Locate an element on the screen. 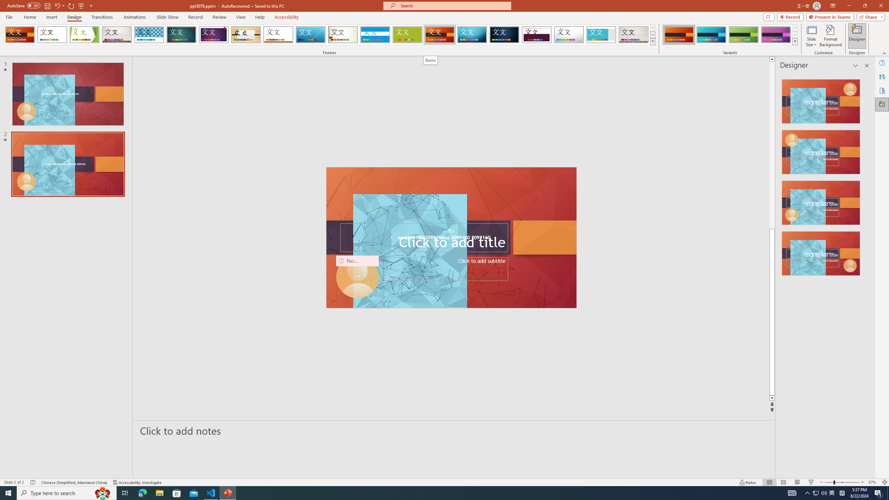  'AutomationID: SlideThemesGallery' is located at coordinates (329, 34).